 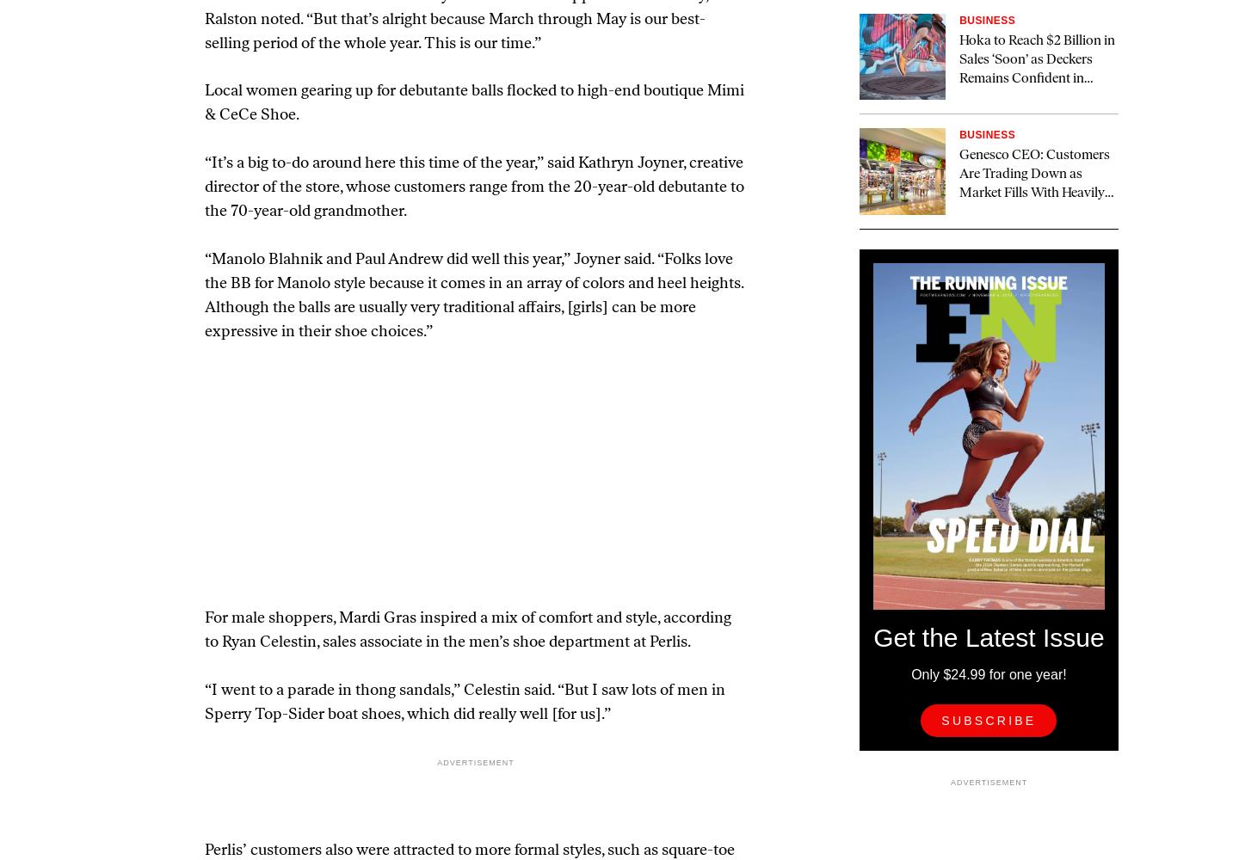 I want to click on 'Genesco CEO: Customers Are Trading Down as Market Fills With Heavily Discounted Athletic Shoes', so click(x=1033, y=183).